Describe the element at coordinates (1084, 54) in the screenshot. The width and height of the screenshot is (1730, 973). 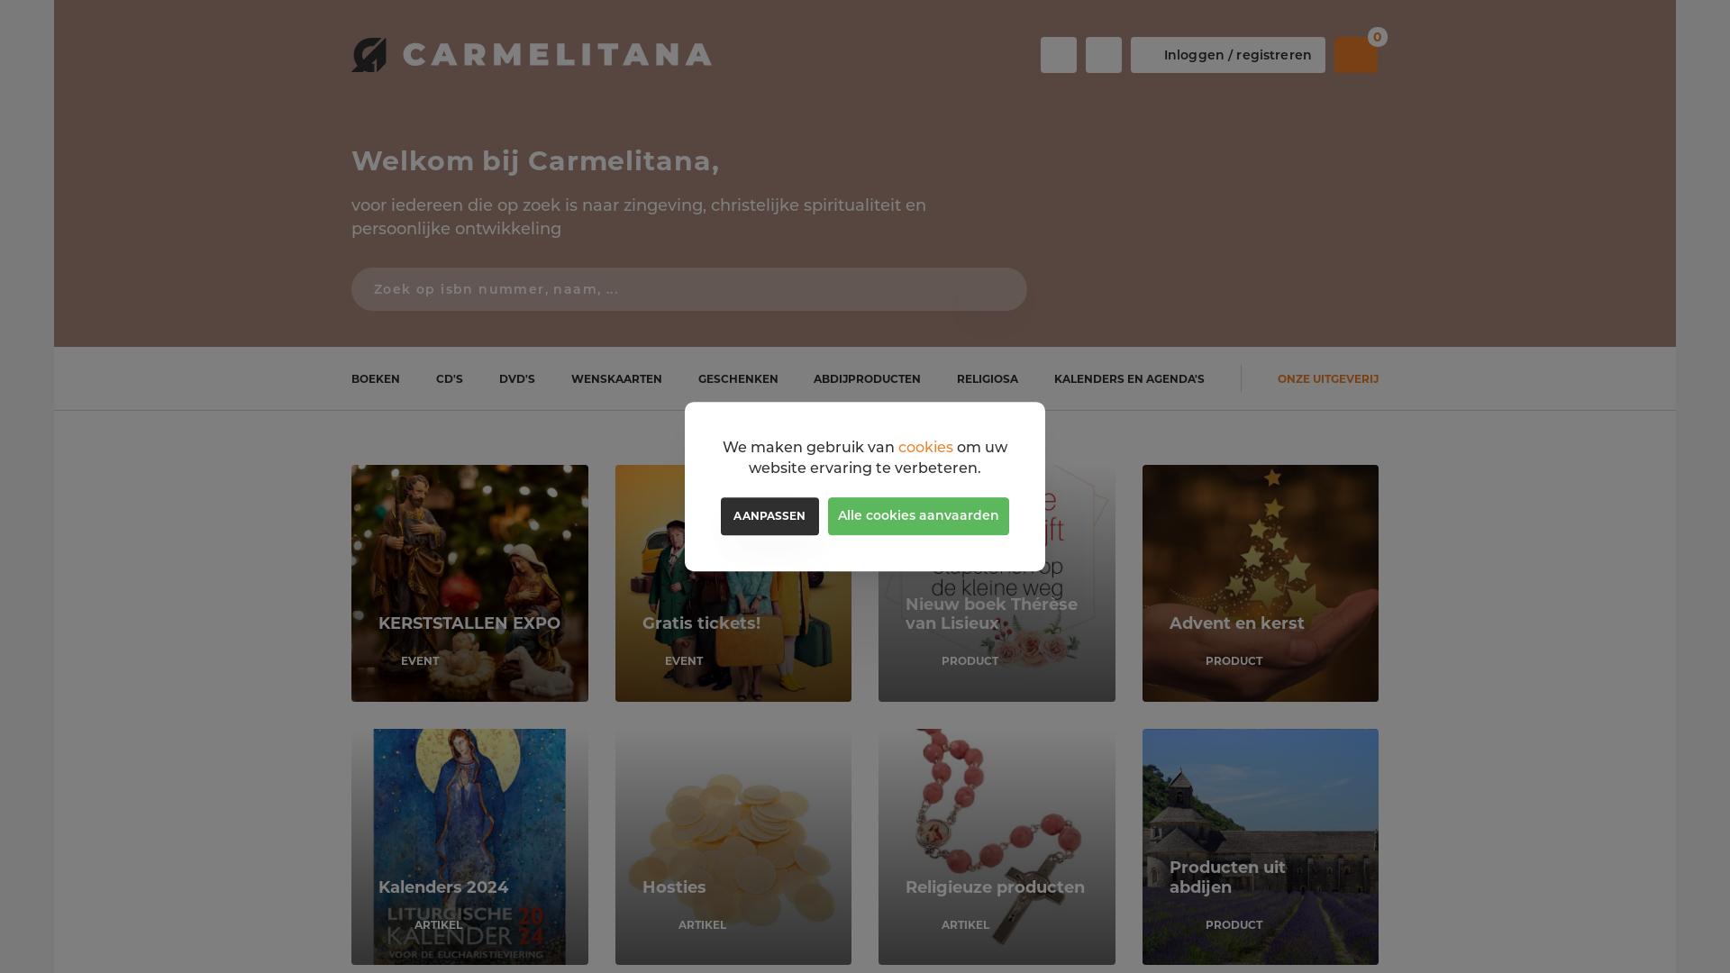
I see `'Volg Carmelitana op Instagram!'` at that location.